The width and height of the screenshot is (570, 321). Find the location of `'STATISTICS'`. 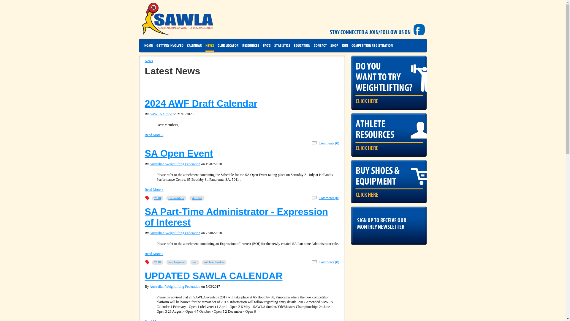

'STATISTICS' is located at coordinates (282, 45).